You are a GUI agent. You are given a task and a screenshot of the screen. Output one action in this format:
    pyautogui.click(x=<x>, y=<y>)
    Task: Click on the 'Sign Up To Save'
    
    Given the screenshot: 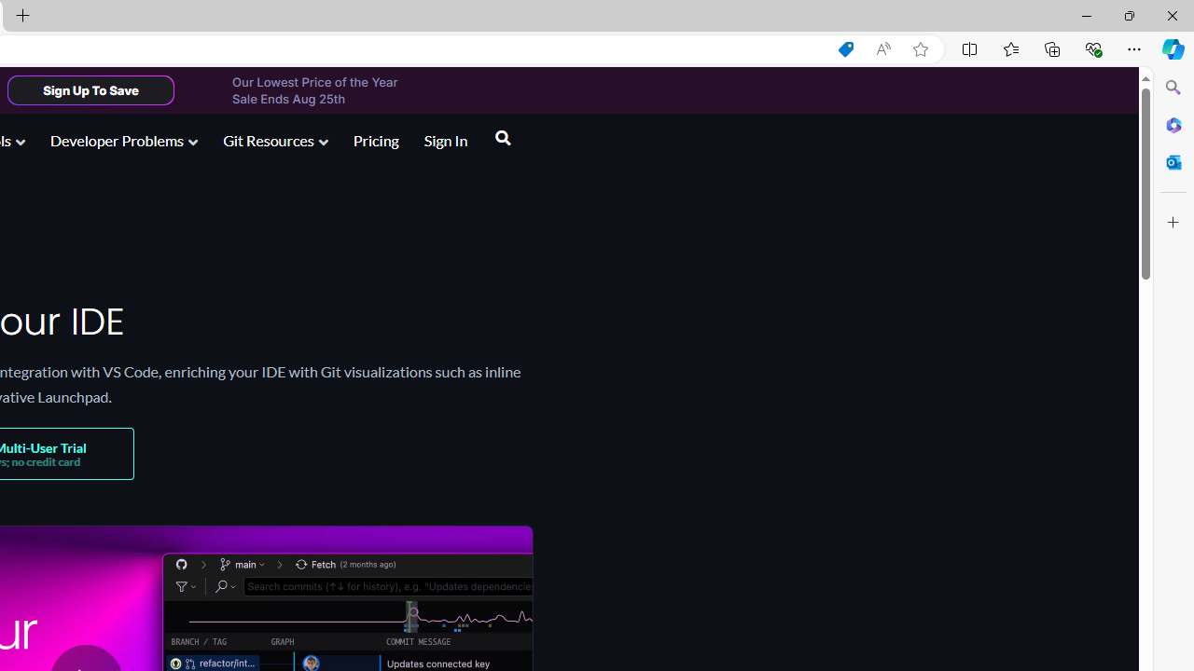 What is the action you would take?
    pyautogui.click(x=90, y=89)
    